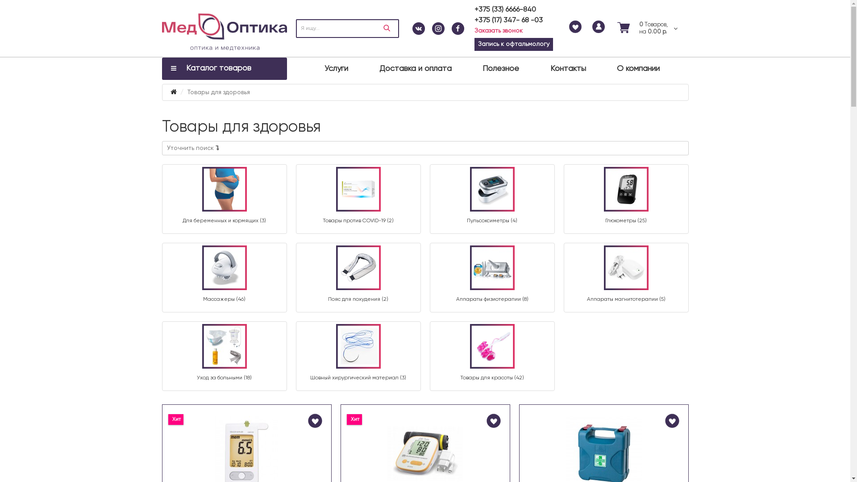  Describe the element at coordinates (505, 10) in the screenshot. I see `'+375 (33) 6666-840'` at that location.